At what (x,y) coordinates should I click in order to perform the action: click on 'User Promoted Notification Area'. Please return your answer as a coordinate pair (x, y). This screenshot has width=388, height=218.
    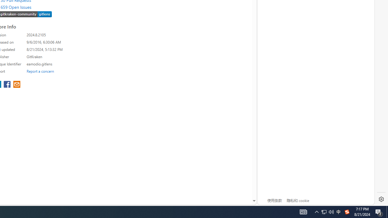
    Looking at the image, I should click on (327, 211).